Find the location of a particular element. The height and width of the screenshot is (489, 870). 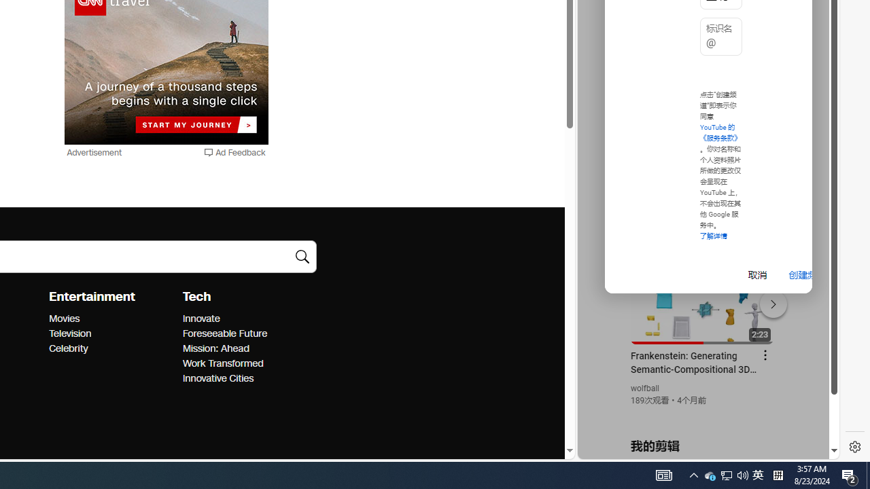

'Entertainment Celebrity' is located at coordinates (68, 348).